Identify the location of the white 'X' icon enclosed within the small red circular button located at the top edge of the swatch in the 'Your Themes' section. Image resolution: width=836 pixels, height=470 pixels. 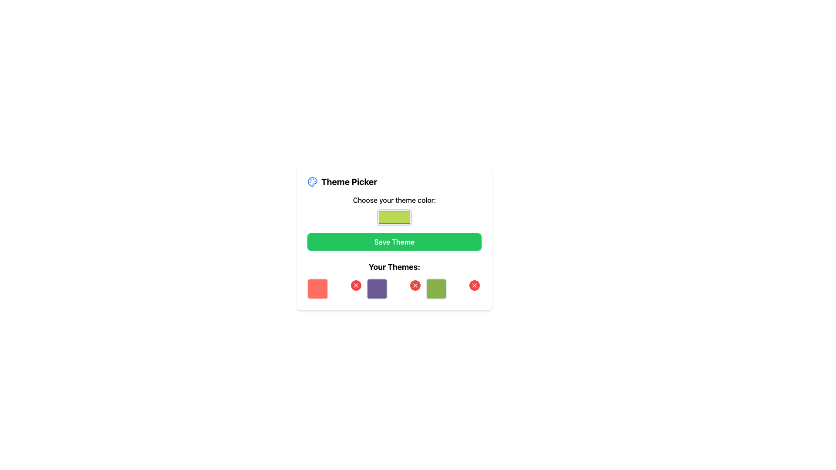
(415, 285).